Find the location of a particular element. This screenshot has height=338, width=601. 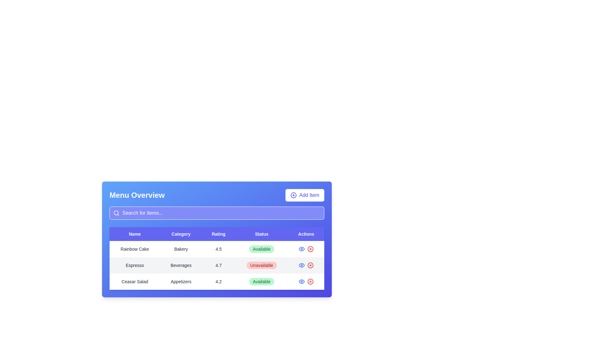

the group of actionable icon buttons in the last column of the table under the 'Actions' header corresponding to the 'Ceasar Salad' row is located at coordinates (306, 281).